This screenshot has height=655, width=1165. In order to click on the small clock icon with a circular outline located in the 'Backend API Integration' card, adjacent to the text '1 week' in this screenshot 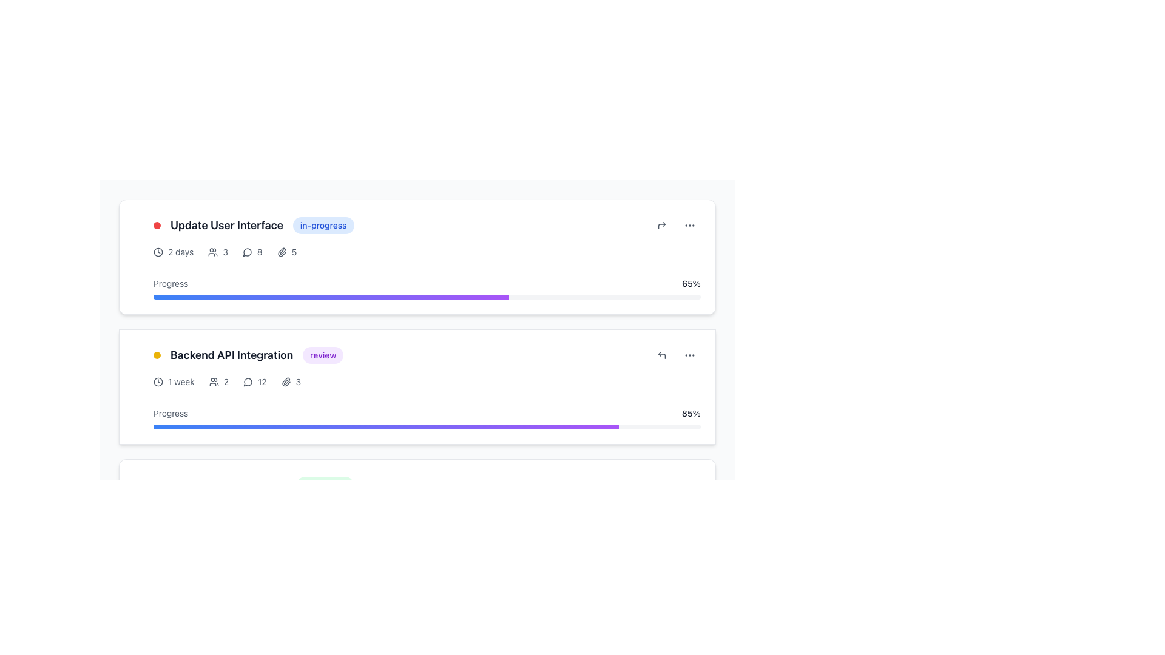, I will do `click(157, 381)`.